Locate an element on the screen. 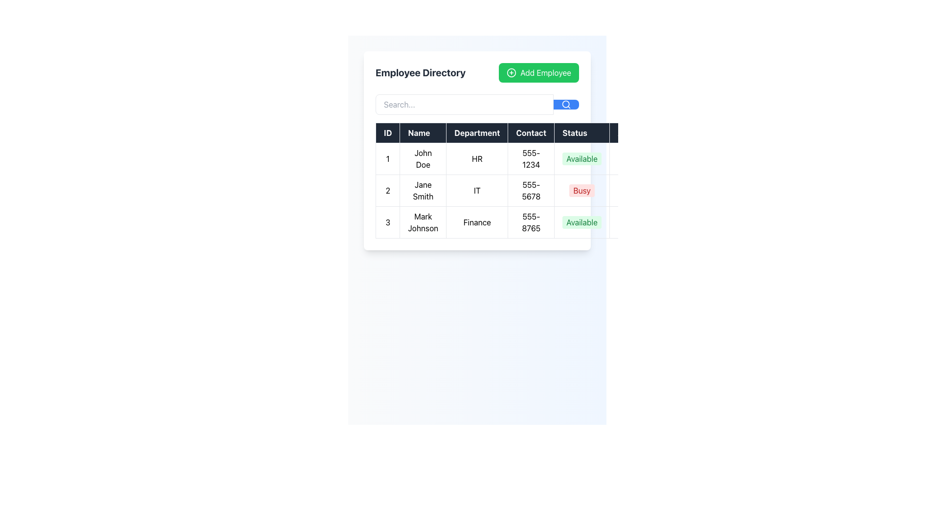 The width and height of the screenshot is (939, 528). the 'ID' table header cell, which is a rectangular cell with a dark background and white text, located in the top-left corner of the table header row is located at coordinates (387, 133).